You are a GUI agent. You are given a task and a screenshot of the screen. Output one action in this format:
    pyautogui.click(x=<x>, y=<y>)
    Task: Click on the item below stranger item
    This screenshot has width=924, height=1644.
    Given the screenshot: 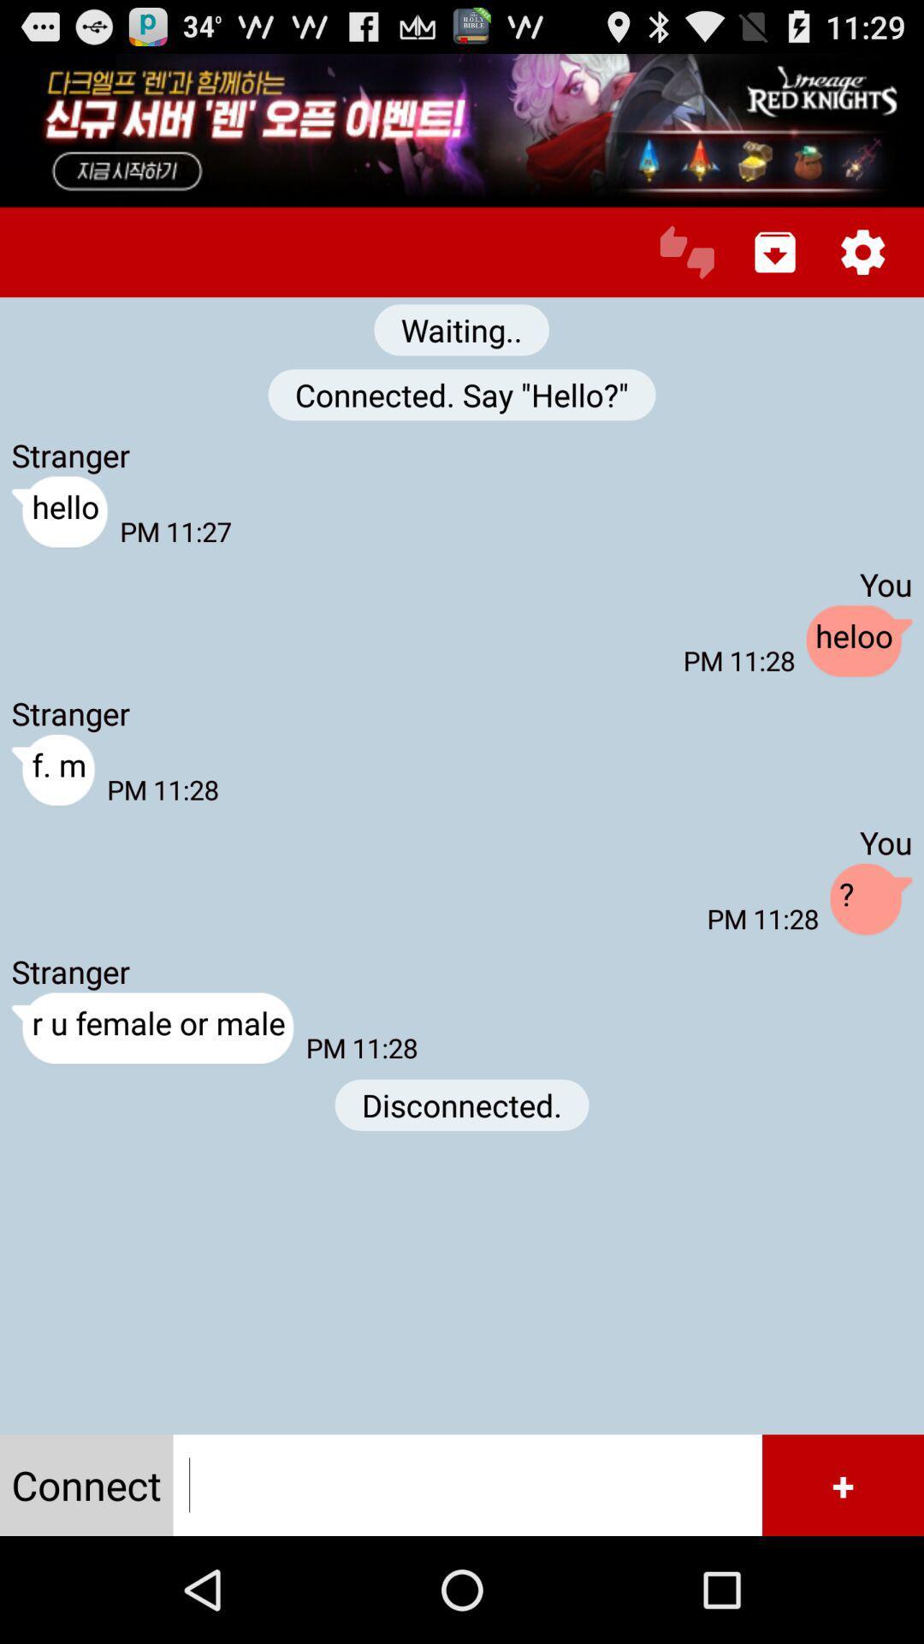 What is the action you would take?
    pyautogui.click(x=52, y=770)
    